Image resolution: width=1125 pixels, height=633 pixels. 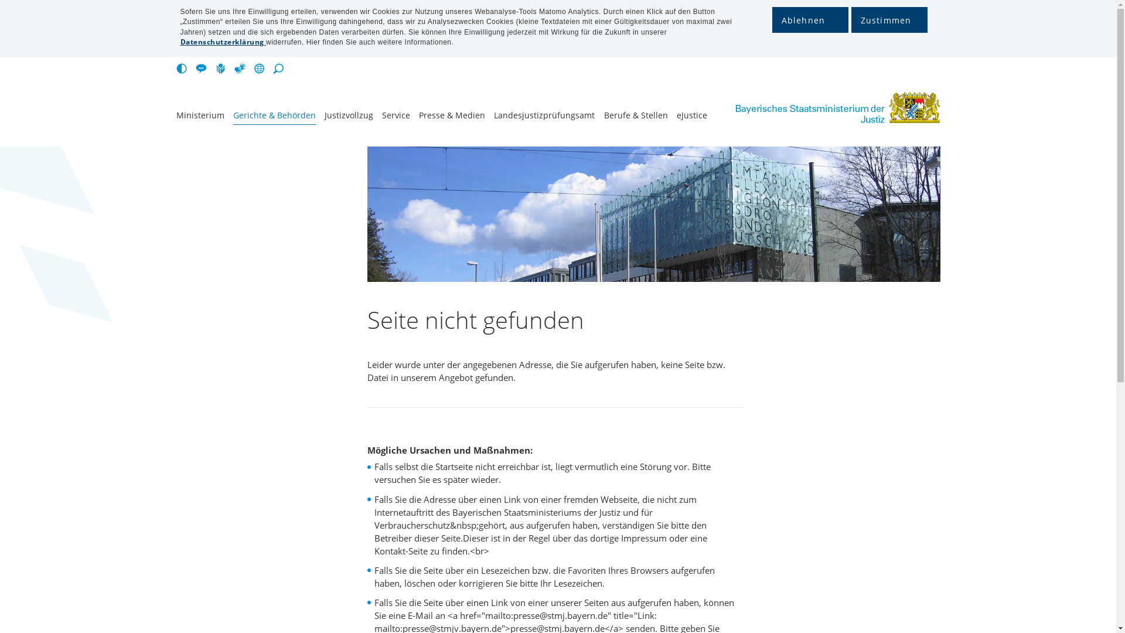 What do you see at coordinates (635, 117) in the screenshot?
I see `'Berufe & Stellen'` at bounding box center [635, 117].